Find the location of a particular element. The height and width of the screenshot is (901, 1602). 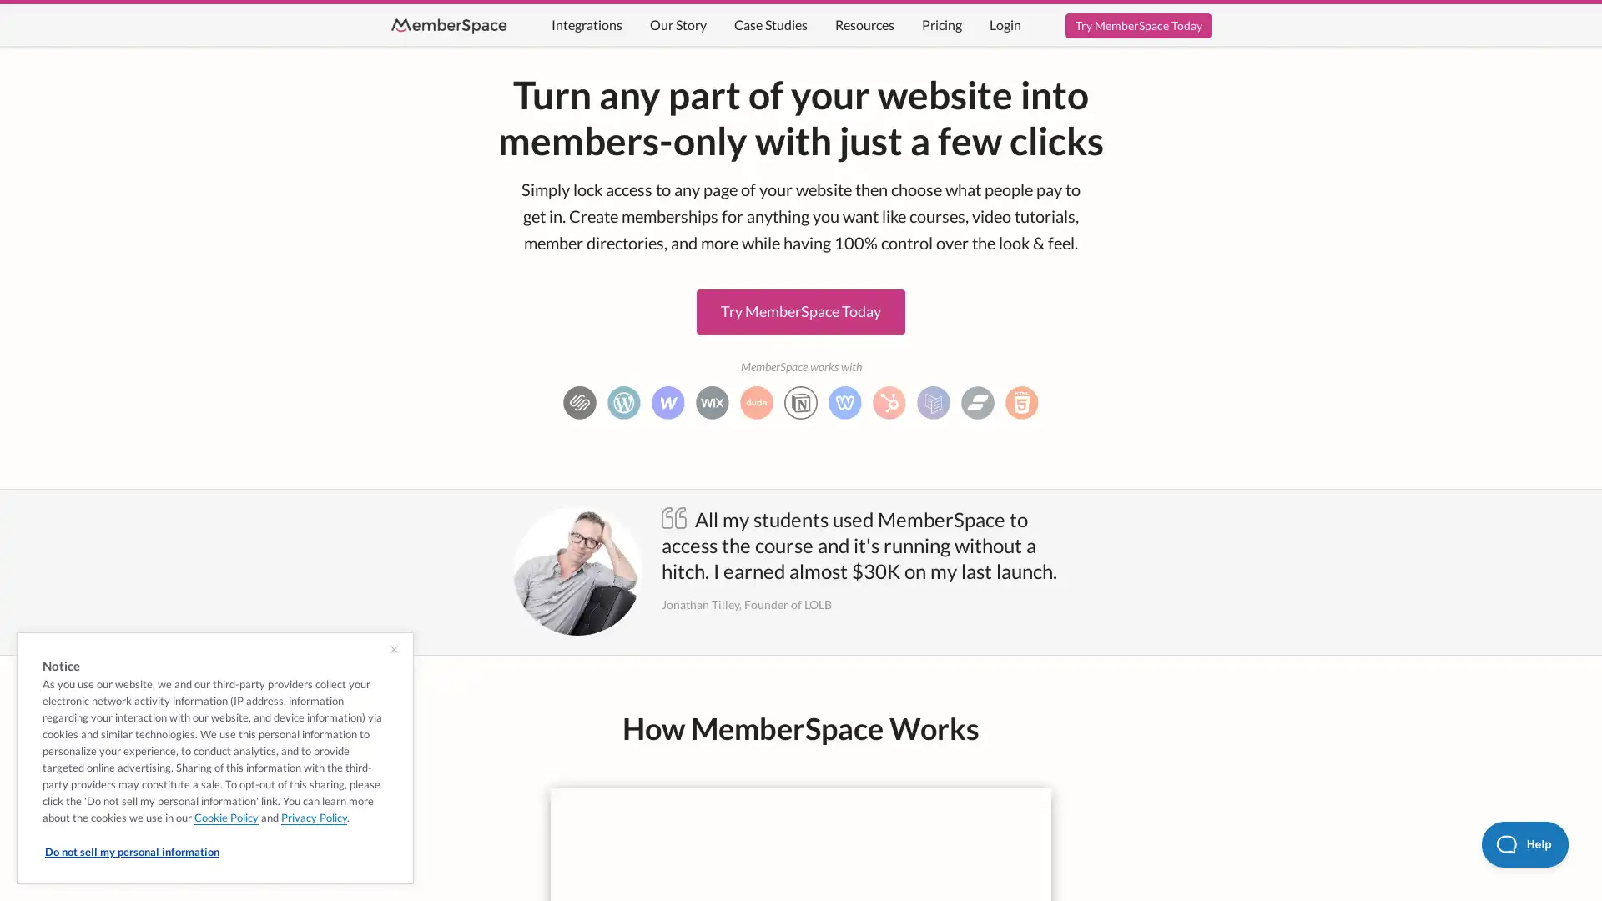

consent-close-icon is located at coordinates (393, 649).